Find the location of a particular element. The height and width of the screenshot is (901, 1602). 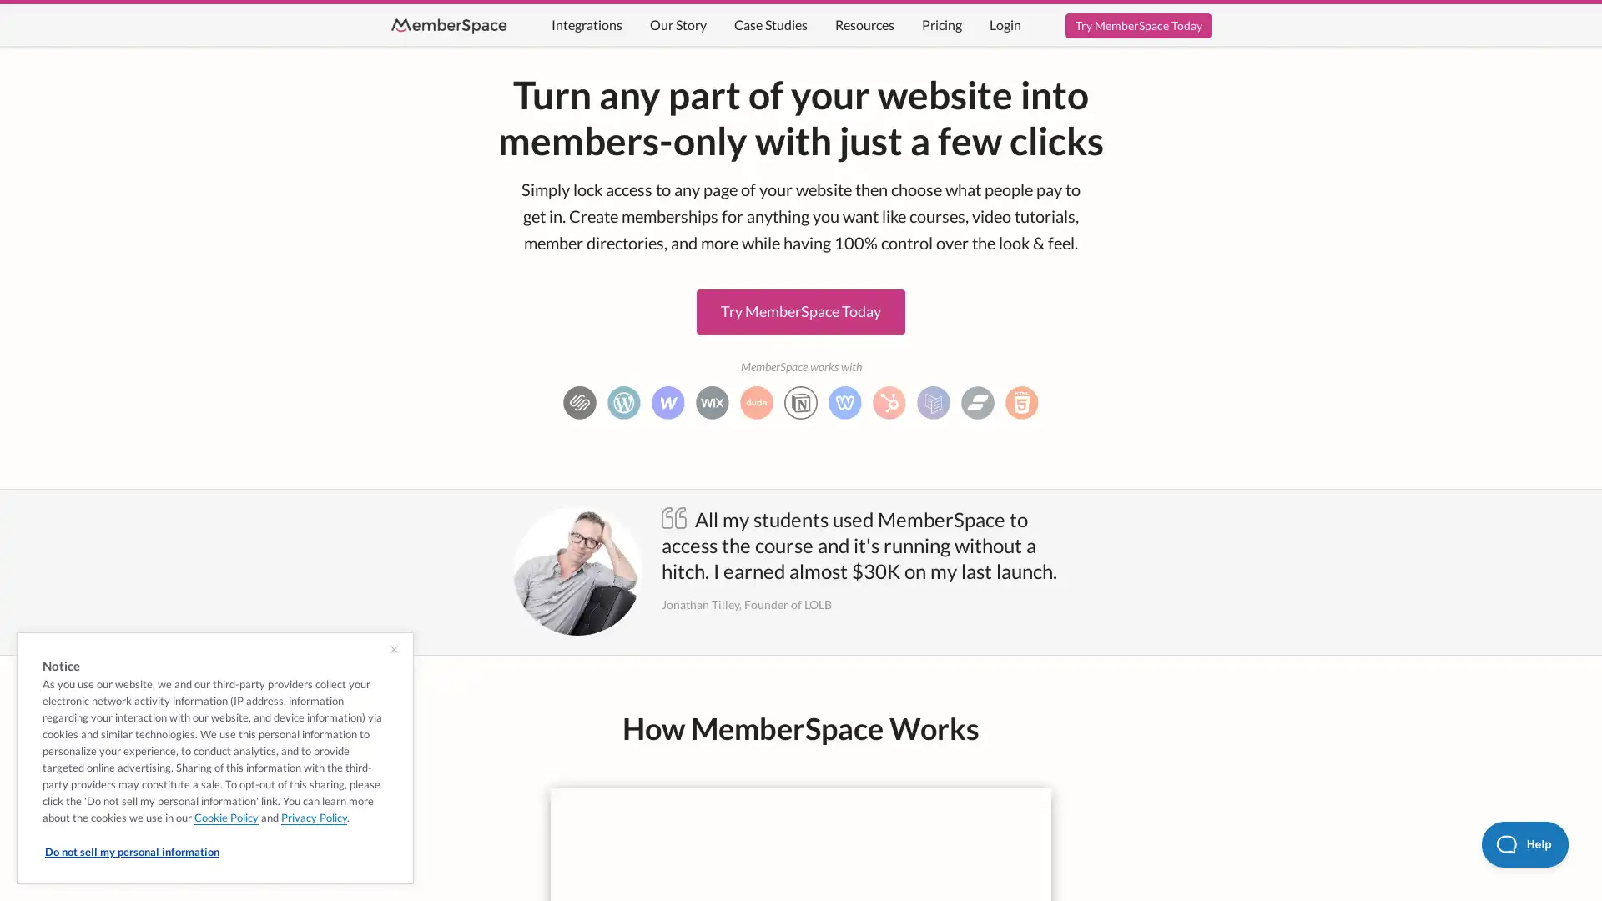

consent-close-icon is located at coordinates (393, 649).